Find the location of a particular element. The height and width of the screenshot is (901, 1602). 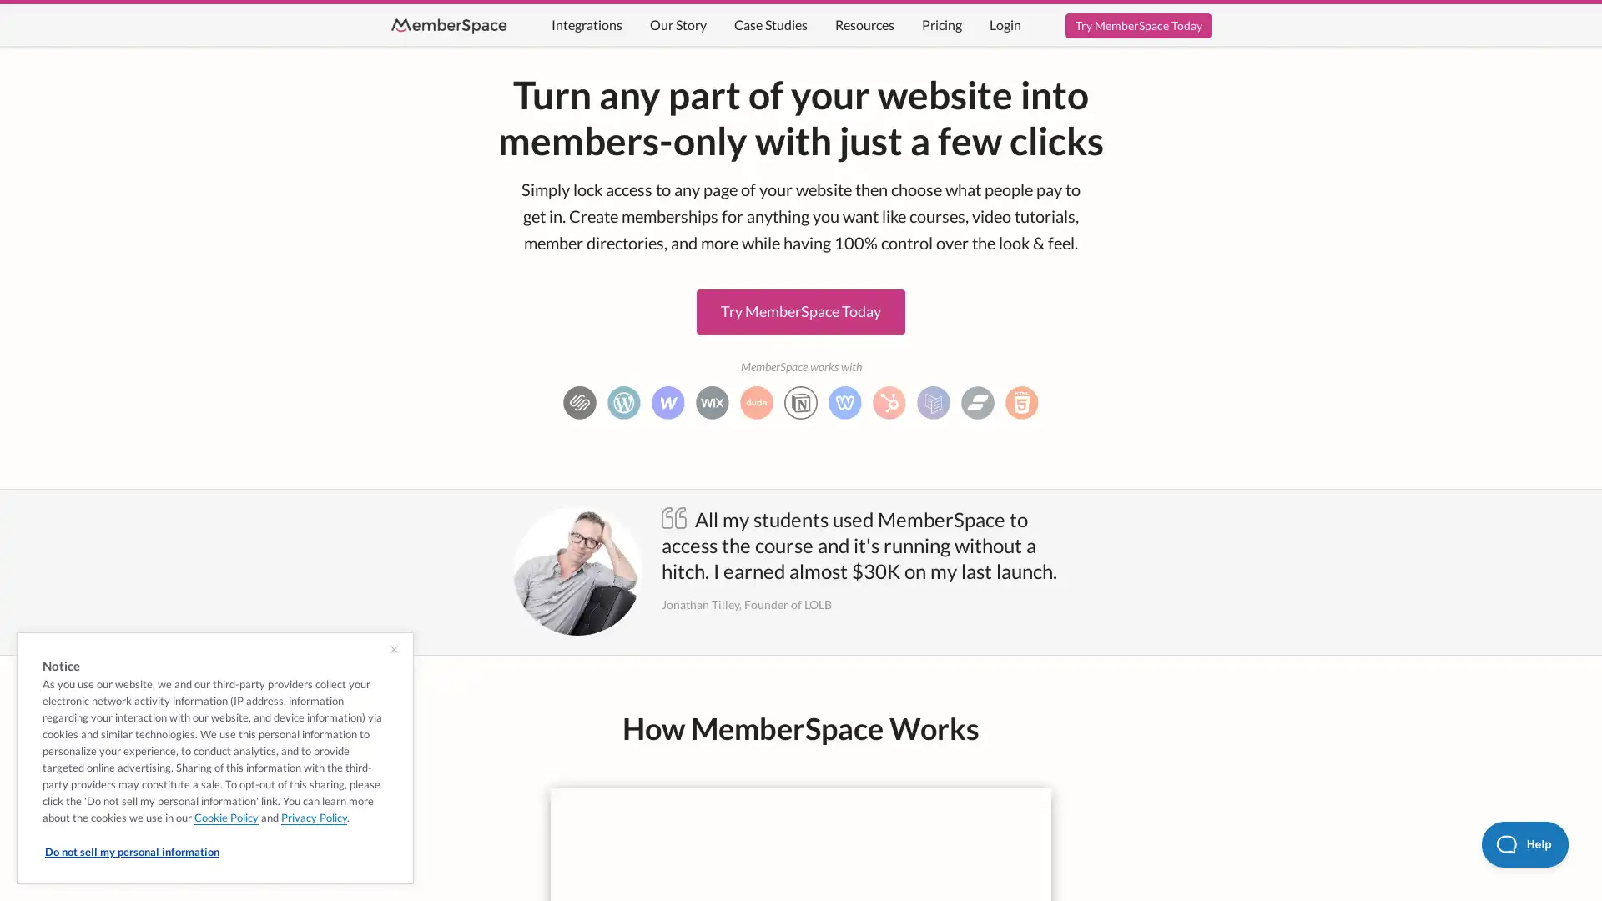

consent-close-icon is located at coordinates (393, 649).